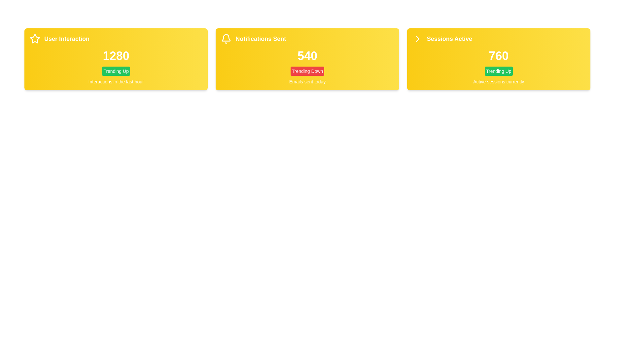  Describe the element at coordinates (417, 39) in the screenshot. I see `the icon located in the top-right corner of the third yellow card labeled 'Sessions Active'` at that location.